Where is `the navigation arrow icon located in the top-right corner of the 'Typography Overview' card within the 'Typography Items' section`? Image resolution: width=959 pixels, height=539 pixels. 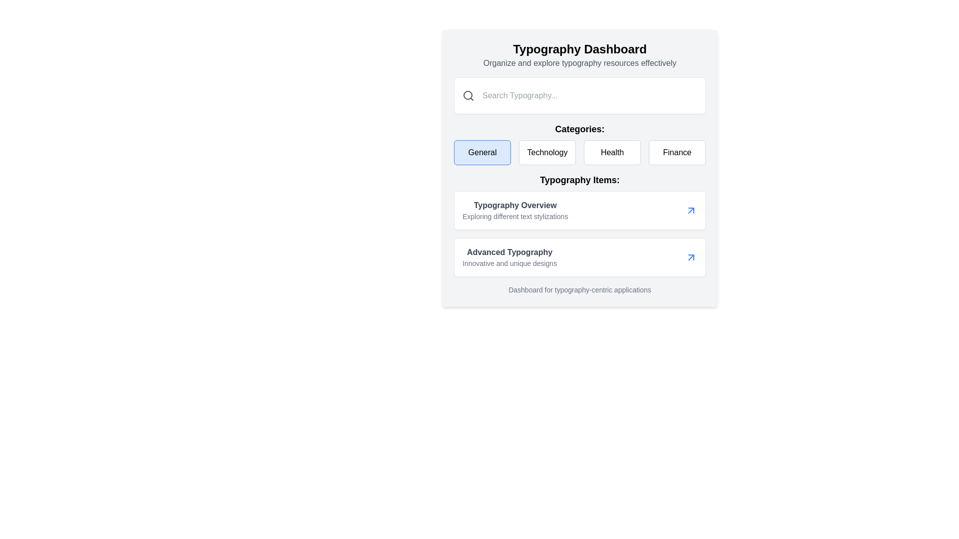 the navigation arrow icon located in the top-right corner of the 'Typography Overview' card within the 'Typography Items' section is located at coordinates (690, 210).